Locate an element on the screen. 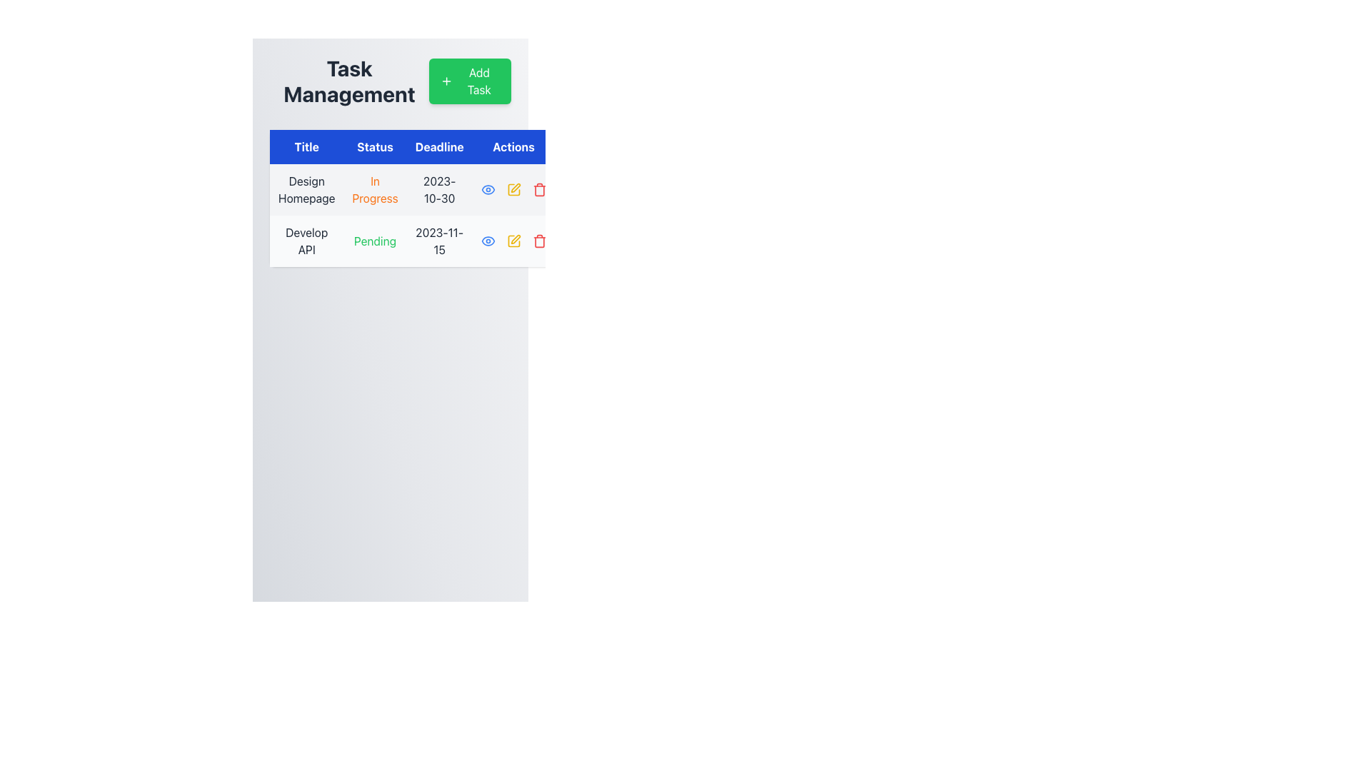 Image resolution: width=1371 pixels, height=771 pixels. the red trash bin icon button located in the action column of the second row of the table is located at coordinates (538, 241).